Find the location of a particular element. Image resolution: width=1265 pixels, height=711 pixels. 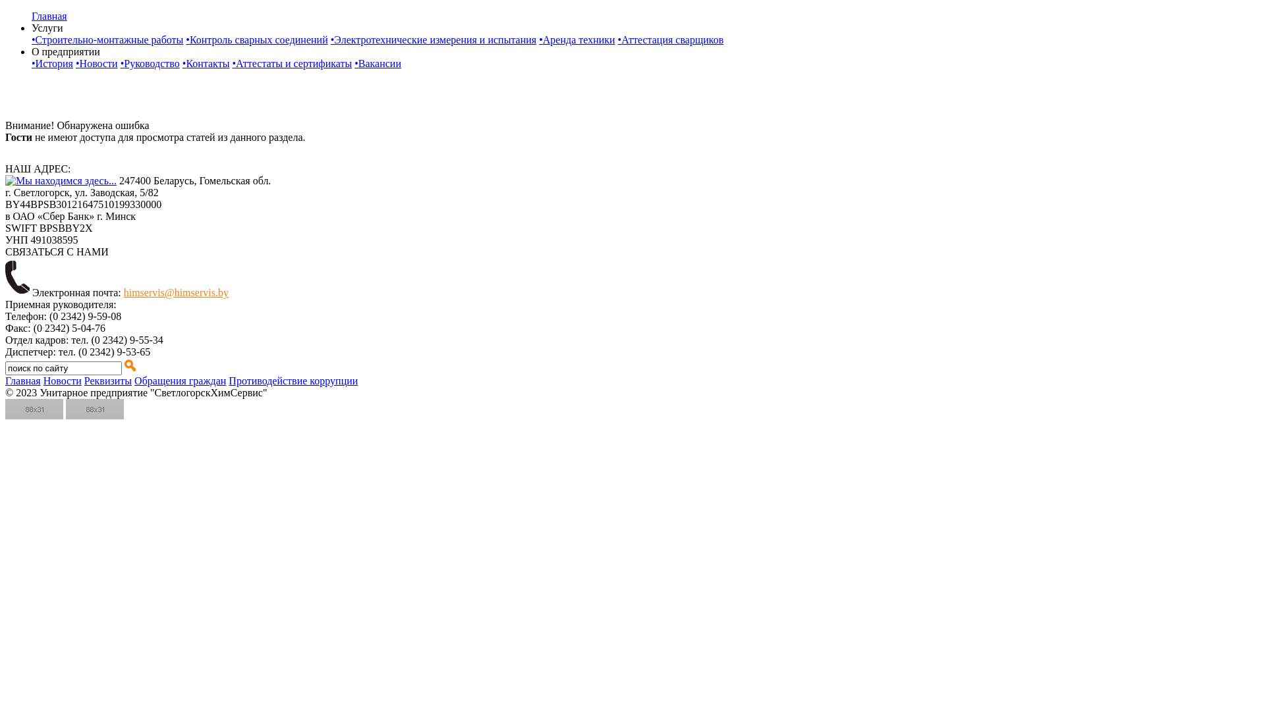

'himservis@himservis.by' is located at coordinates (175, 292).